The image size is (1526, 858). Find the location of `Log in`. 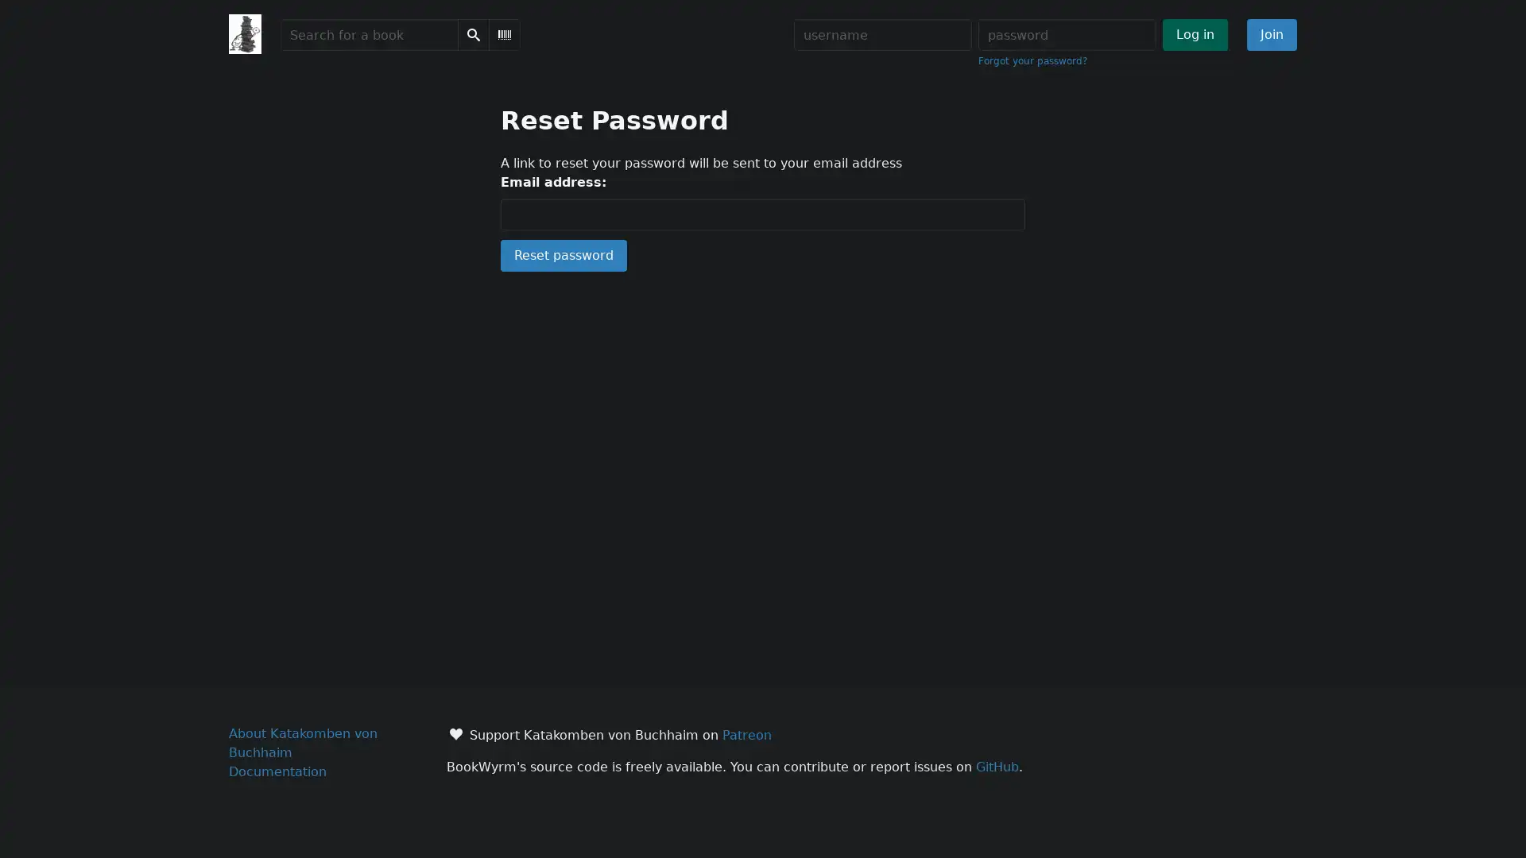

Log in is located at coordinates (1194, 34).